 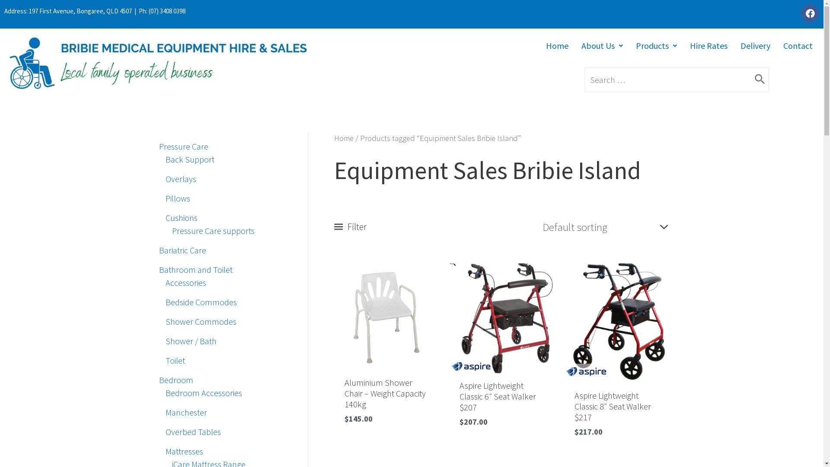 What do you see at coordinates (183, 451) in the screenshot?
I see `'Mattresses'` at bounding box center [183, 451].